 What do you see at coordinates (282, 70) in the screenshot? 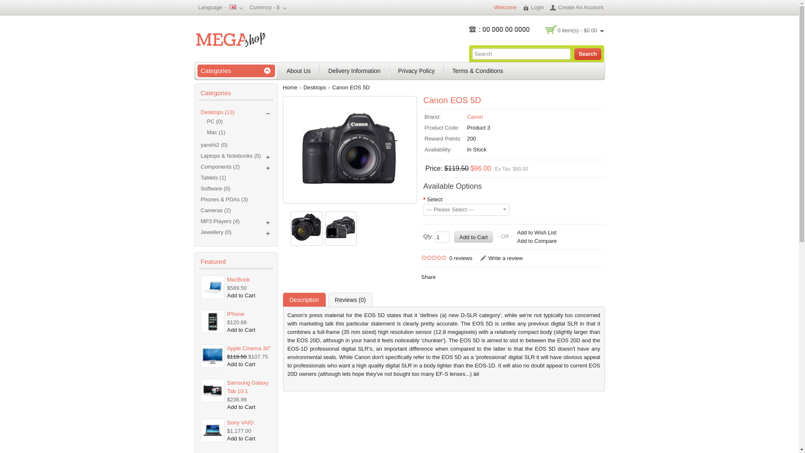
I see `'About Us'` at bounding box center [282, 70].